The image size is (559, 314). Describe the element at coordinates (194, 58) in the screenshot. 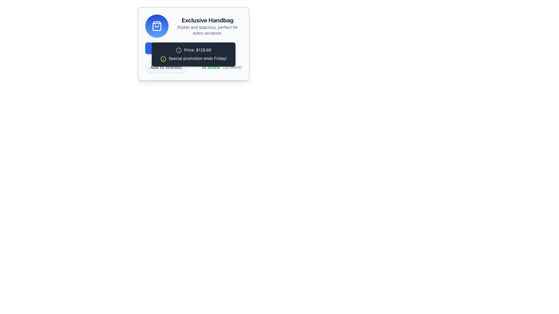

I see `the text label that serves as a notification for a special promotion and its expiration date, located at the bottom of a dark gray rectangular notification box` at that location.